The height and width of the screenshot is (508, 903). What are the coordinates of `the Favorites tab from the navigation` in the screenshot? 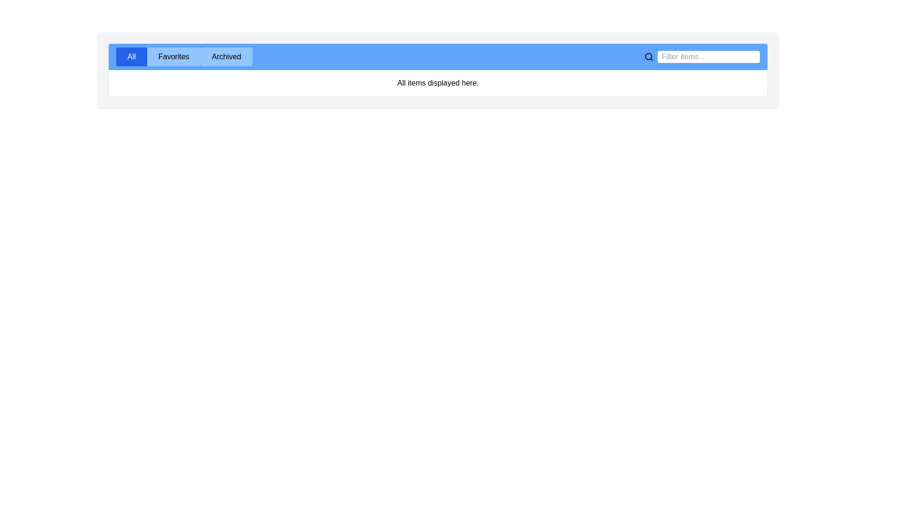 It's located at (174, 56).